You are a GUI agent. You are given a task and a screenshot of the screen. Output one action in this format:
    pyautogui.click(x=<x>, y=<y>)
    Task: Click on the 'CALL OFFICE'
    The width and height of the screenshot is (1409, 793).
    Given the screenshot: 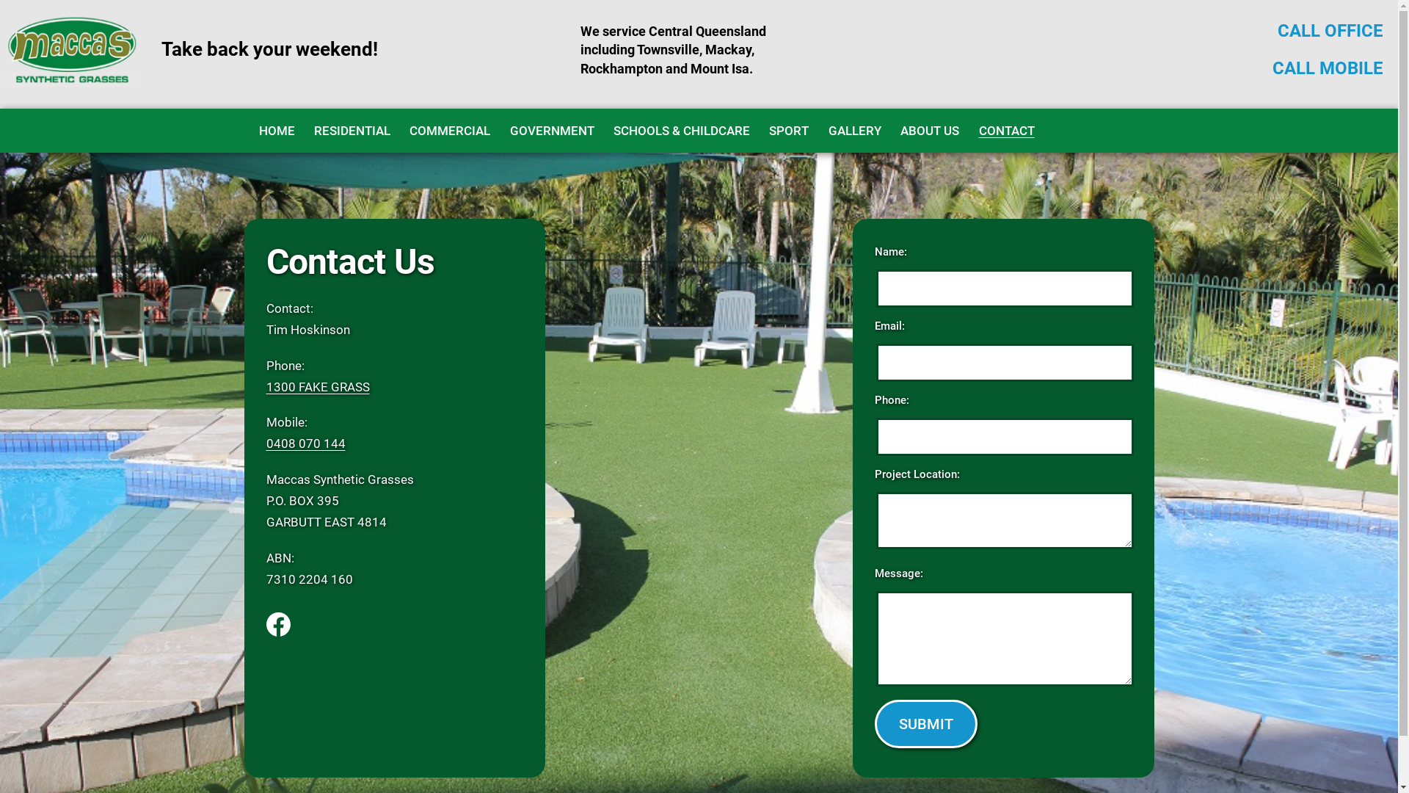 What is the action you would take?
    pyautogui.click(x=1330, y=31)
    